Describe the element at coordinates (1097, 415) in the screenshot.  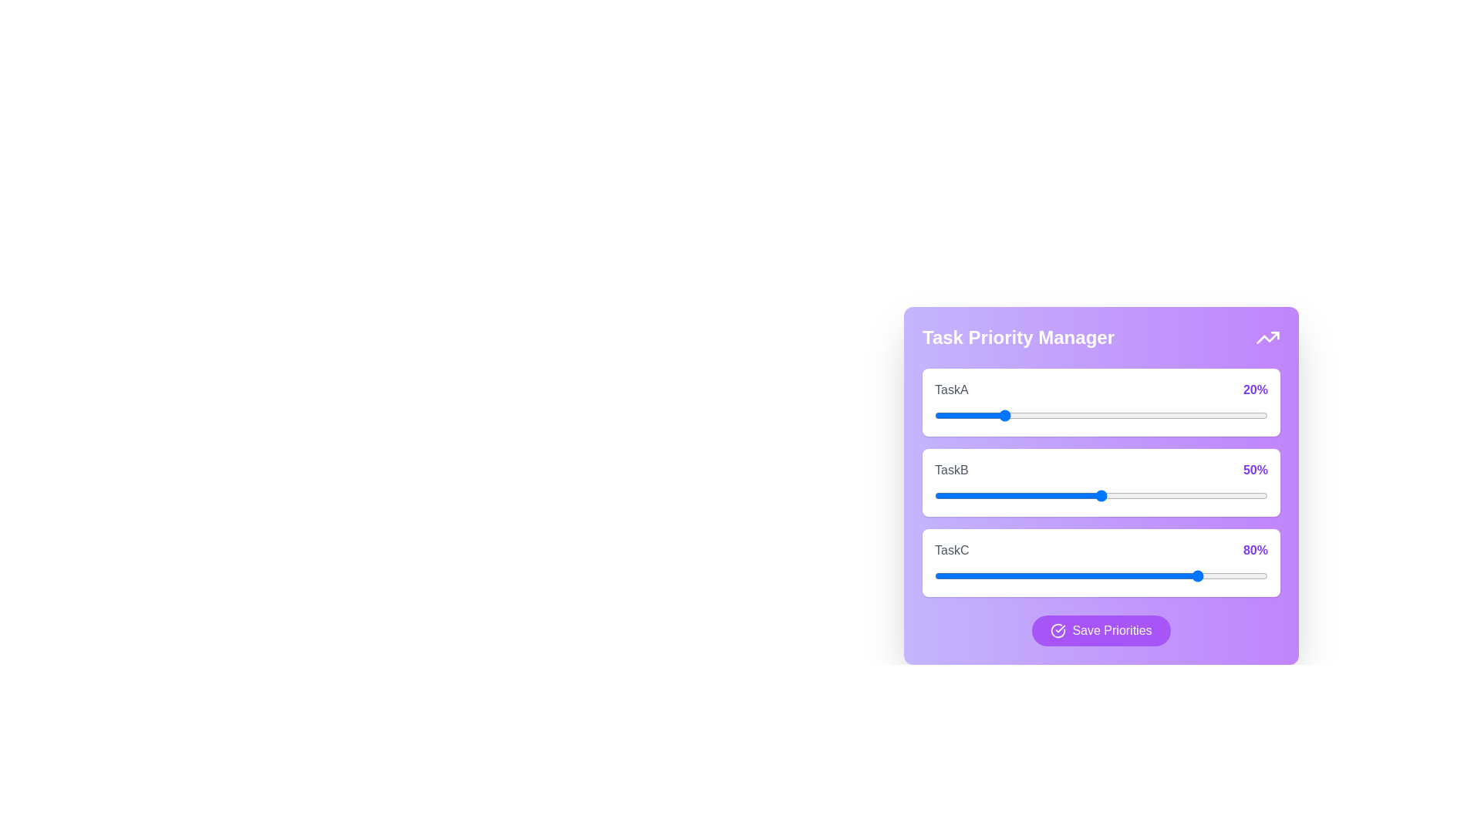
I see `the priority of 0 to 49% using the slider` at that location.